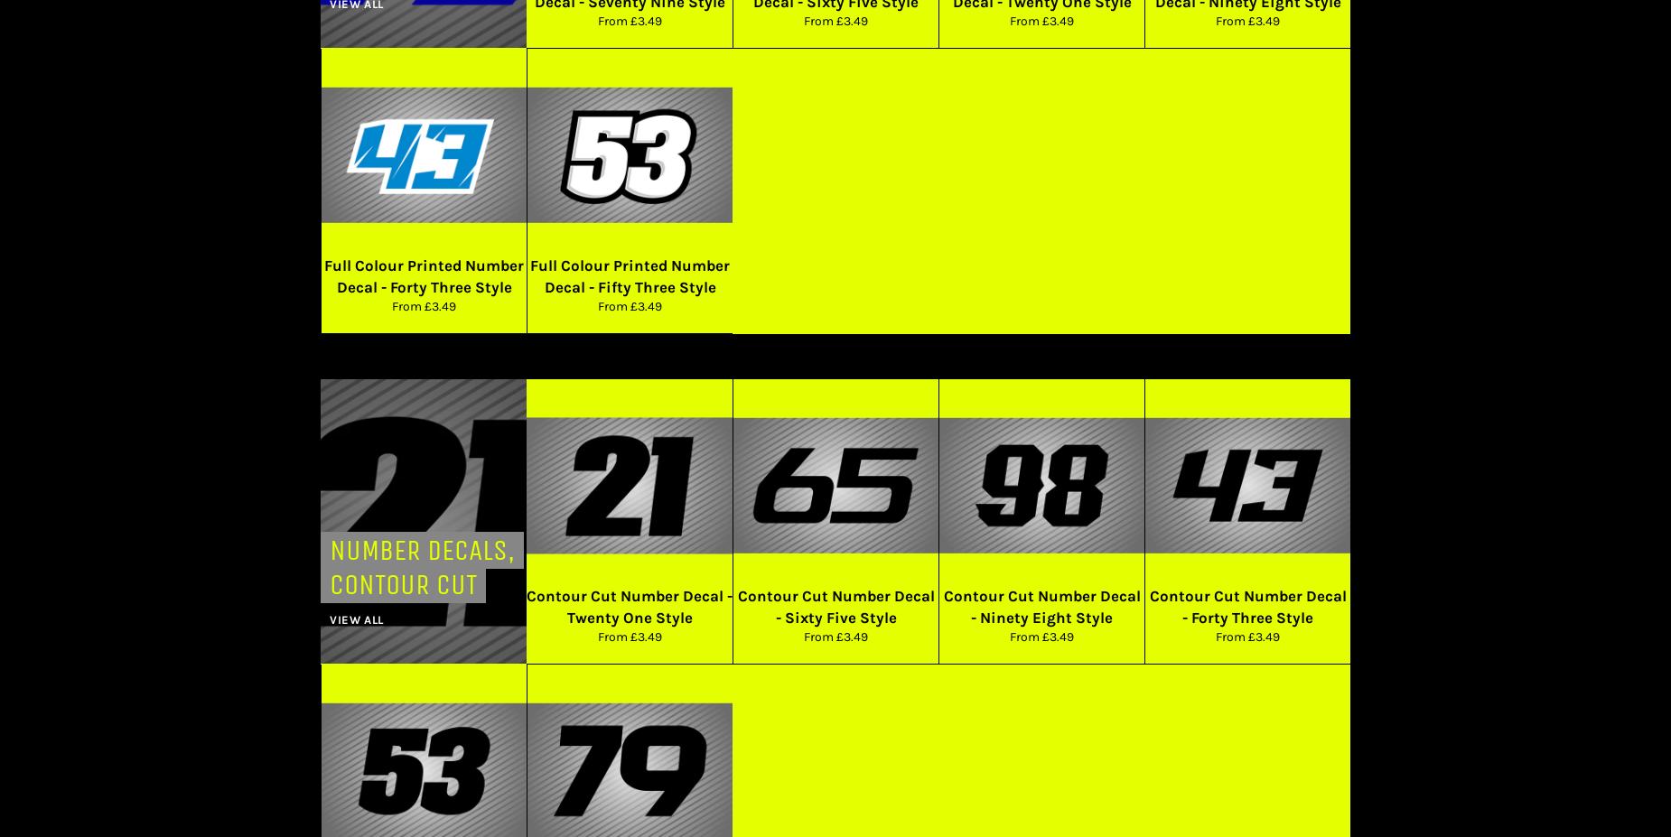  What do you see at coordinates (630, 275) in the screenshot?
I see `'Full Colour Printed Number Decal - Fifty Three Style'` at bounding box center [630, 275].